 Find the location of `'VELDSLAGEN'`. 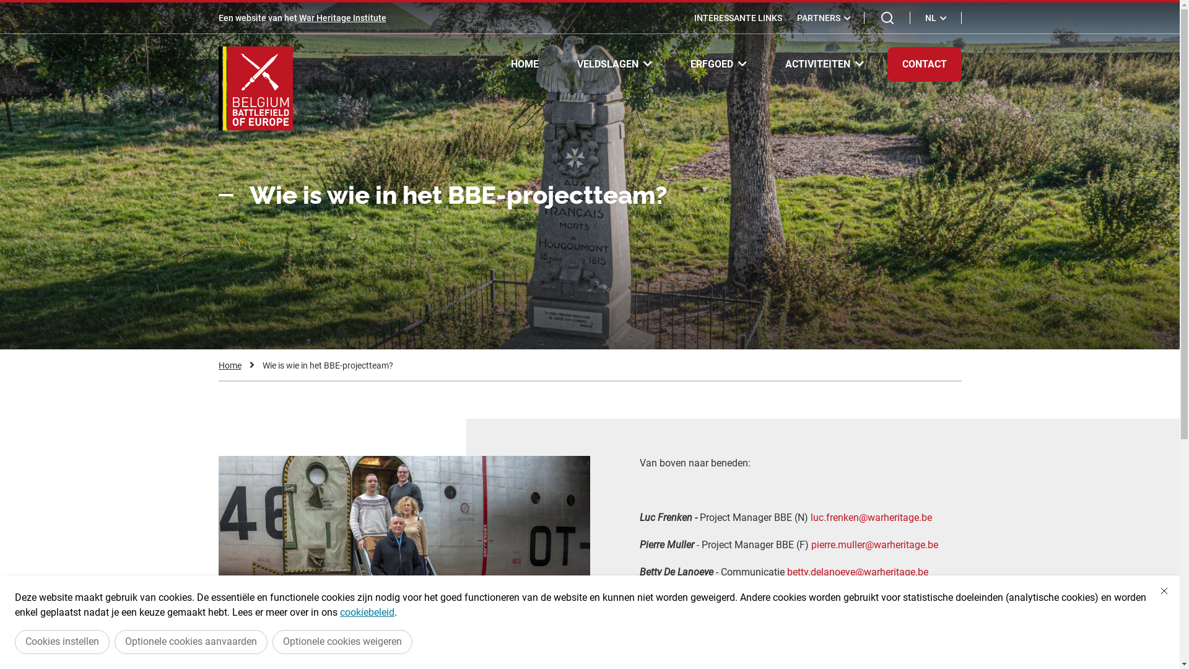

'VELDSLAGEN' is located at coordinates (614, 64).